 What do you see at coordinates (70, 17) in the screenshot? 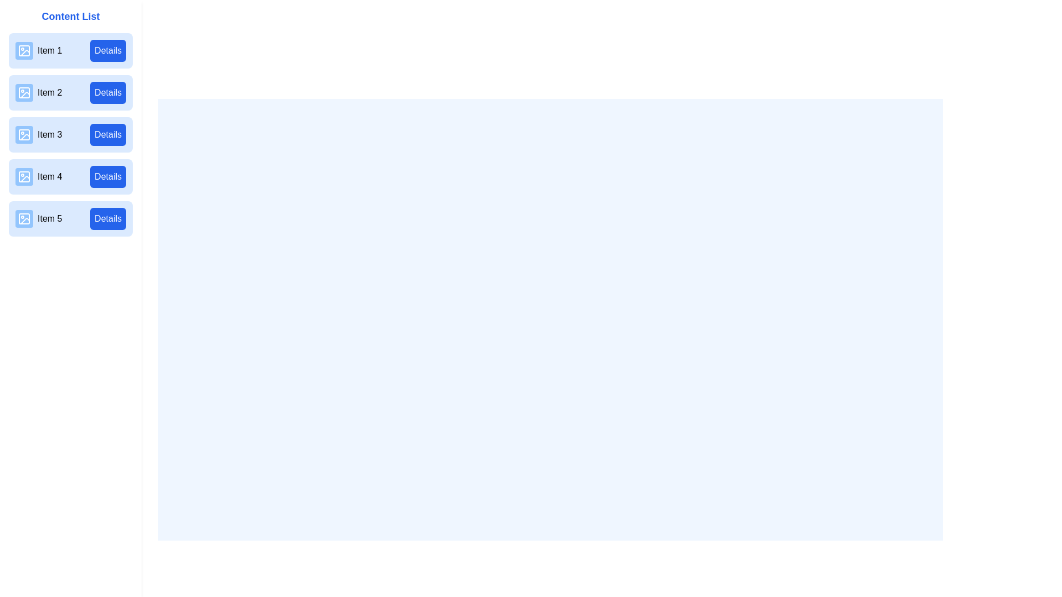
I see `the text element that serves as the title for the sidebar, positioned at the top of the left-side panel` at bounding box center [70, 17].